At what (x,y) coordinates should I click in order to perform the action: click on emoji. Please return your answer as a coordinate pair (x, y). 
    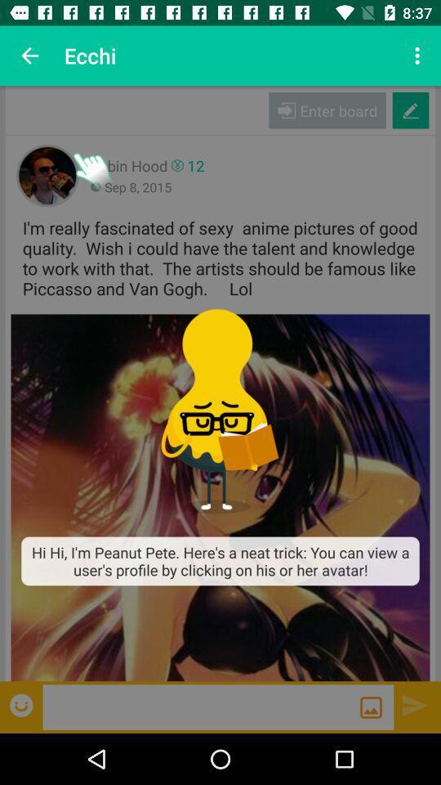
    Looking at the image, I should click on (22, 704).